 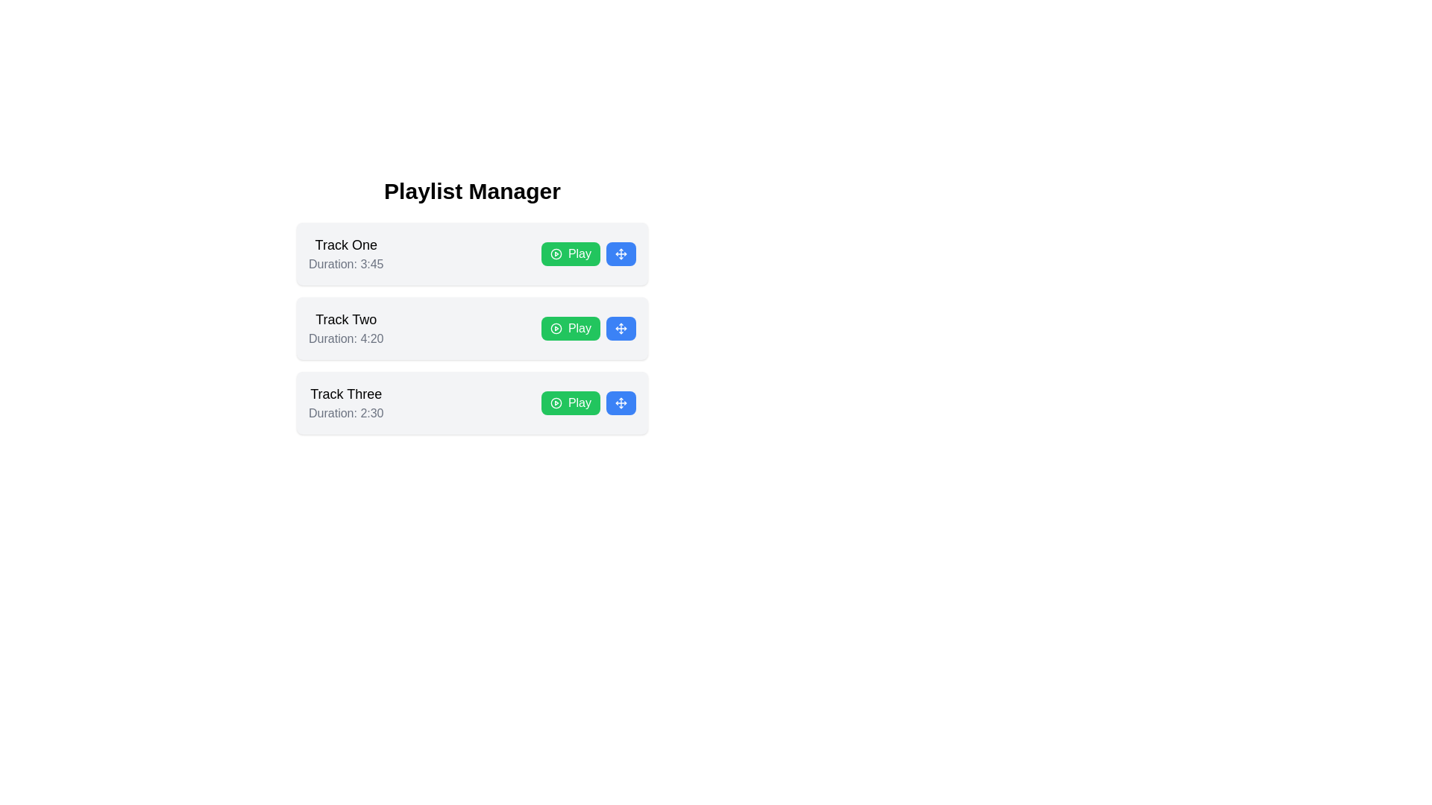 I want to click on the informational text label displaying the duration of 'Track Three' located in the third track section of the playlist, so click(x=345, y=414).